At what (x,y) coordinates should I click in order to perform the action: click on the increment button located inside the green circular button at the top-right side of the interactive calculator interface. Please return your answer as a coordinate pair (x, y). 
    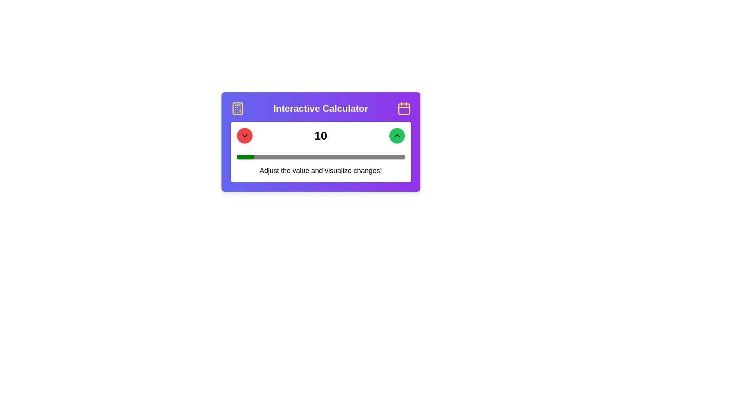
    Looking at the image, I should click on (397, 135).